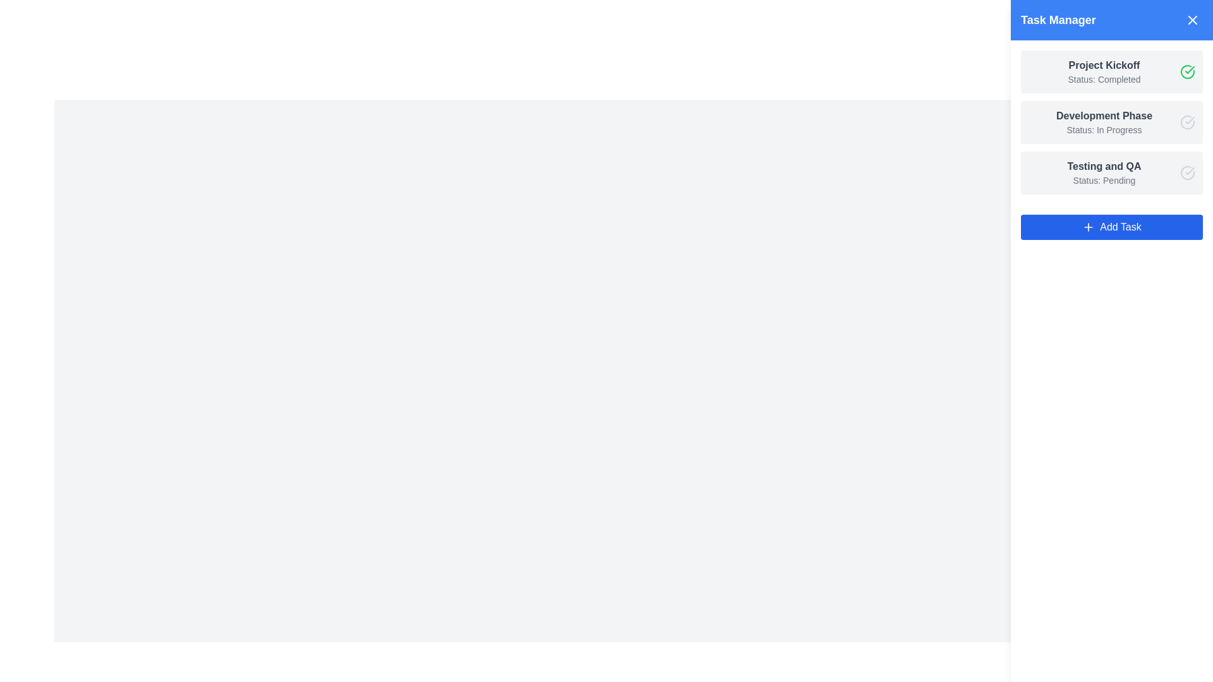 The height and width of the screenshot is (682, 1213). Describe the element at coordinates (1187, 172) in the screenshot. I see `the icon with a circular outline and a checkmark inside, located to the right of the 'Testing and QA' text block in the Task Manager column, which is the third item in the list` at that location.